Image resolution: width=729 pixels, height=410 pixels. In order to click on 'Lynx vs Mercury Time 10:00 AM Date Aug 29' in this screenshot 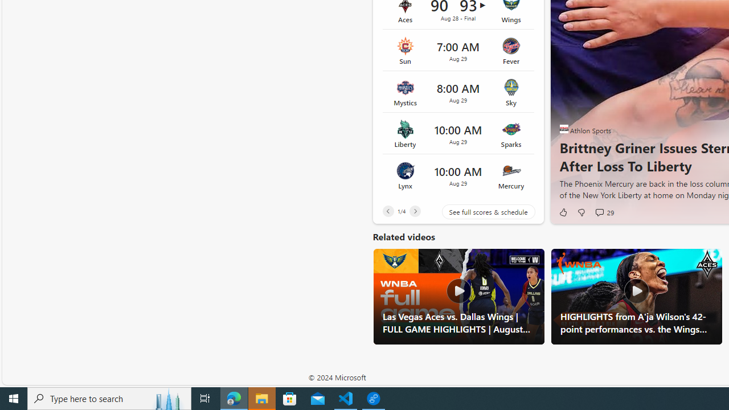, I will do `click(458, 175)`.